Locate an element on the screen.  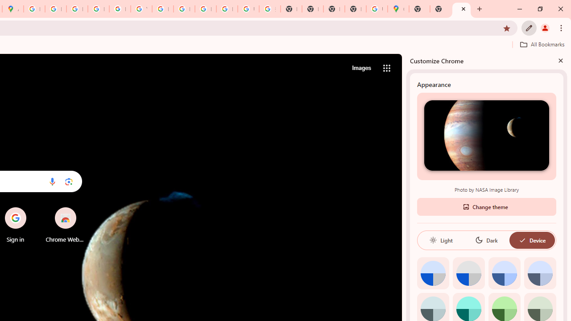
'Dark' is located at coordinates (486, 239).